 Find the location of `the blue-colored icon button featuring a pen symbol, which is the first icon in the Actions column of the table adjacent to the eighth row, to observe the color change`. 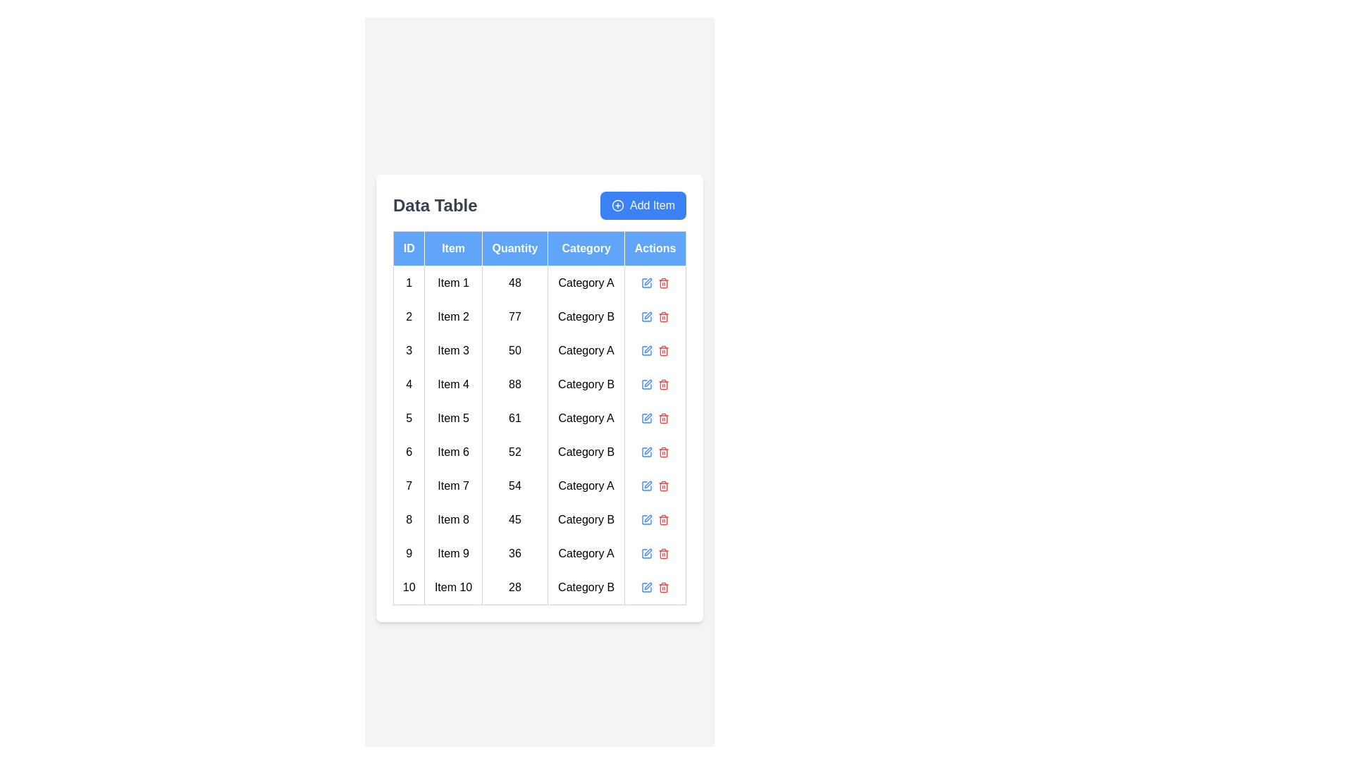

the blue-colored icon button featuring a pen symbol, which is the first icon in the Actions column of the table adjacent to the eighth row, to observe the color change is located at coordinates (646, 519).